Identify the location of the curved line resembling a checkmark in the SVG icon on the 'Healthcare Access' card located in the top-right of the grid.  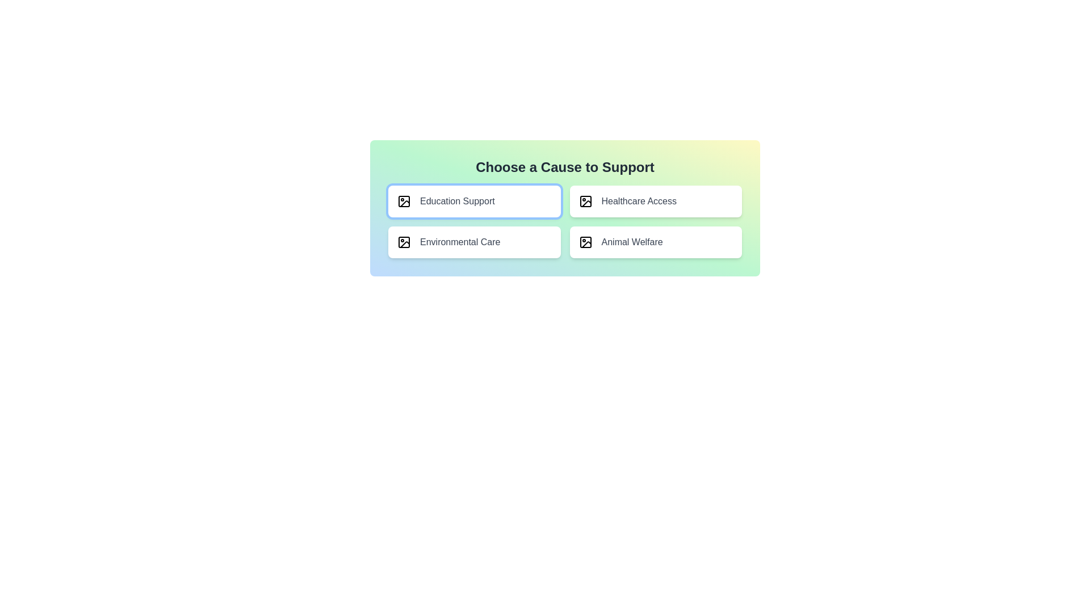
(586, 203).